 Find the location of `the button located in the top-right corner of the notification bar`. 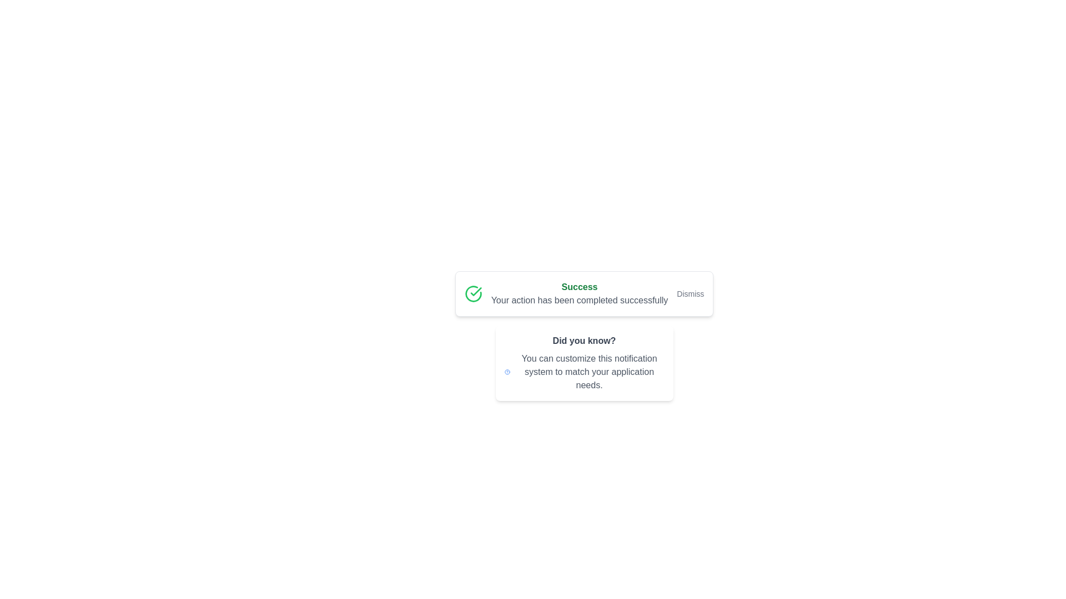

the button located in the top-right corner of the notification bar is located at coordinates (690, 293).